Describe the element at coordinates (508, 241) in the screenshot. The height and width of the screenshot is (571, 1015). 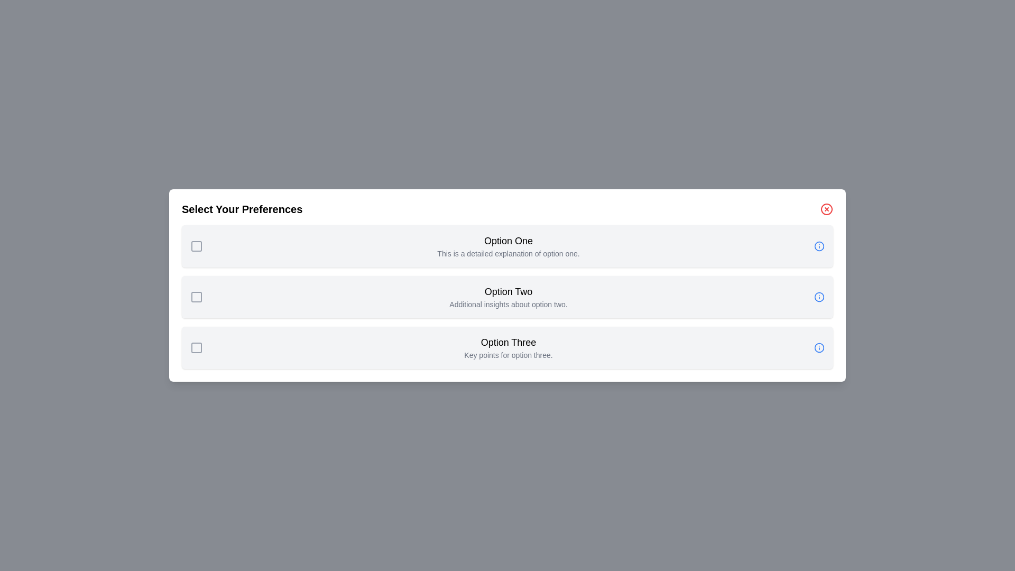
I see `the static text label that serves as the title for the first option in the list, positioned at the top of the first option block` at that location.